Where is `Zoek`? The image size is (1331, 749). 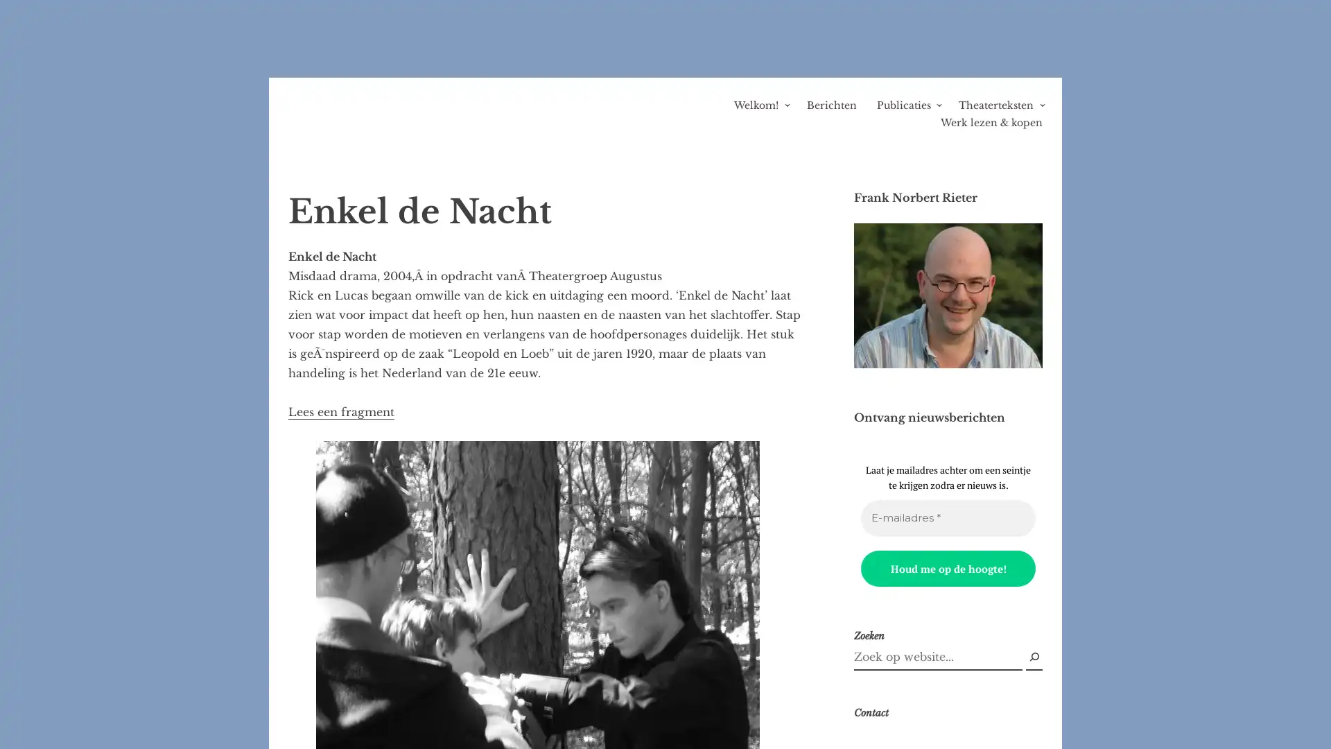
Zoek is located at coordinates (1034, 656).